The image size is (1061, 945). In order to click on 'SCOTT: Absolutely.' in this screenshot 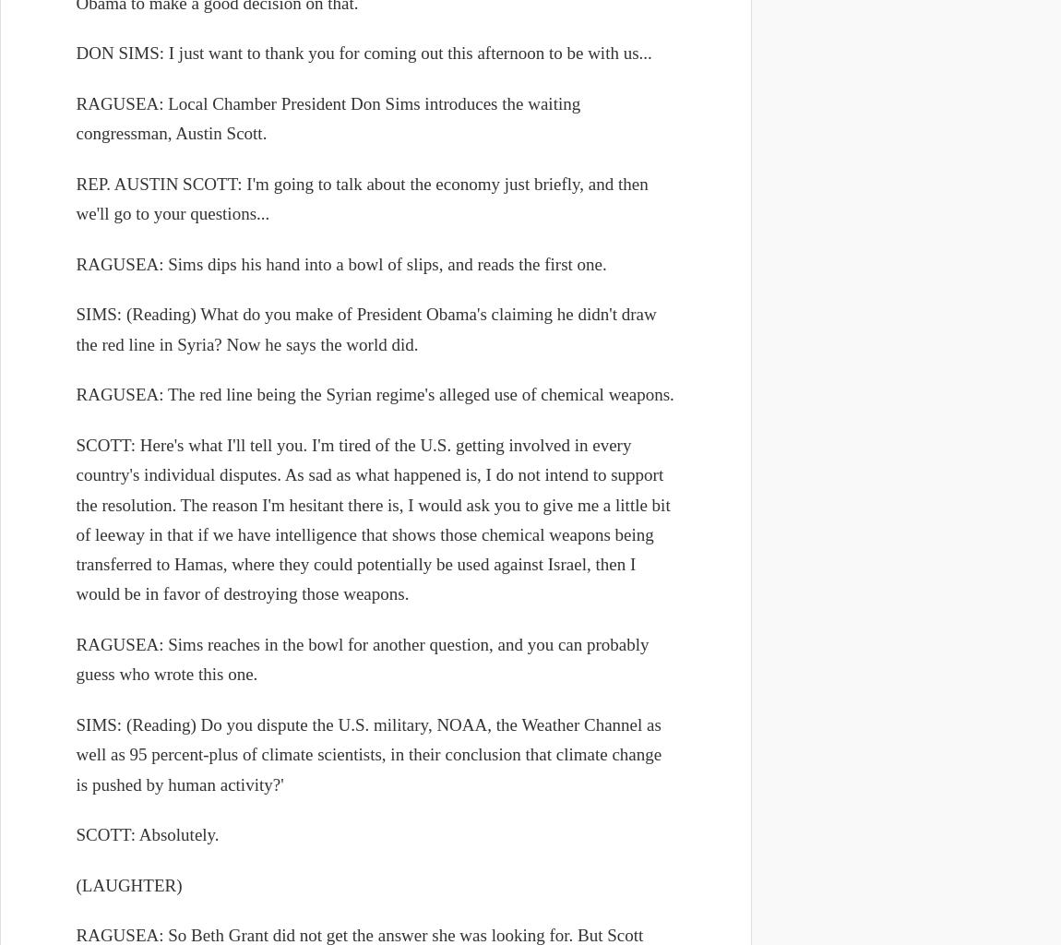, I will do `click(146, 833)`.